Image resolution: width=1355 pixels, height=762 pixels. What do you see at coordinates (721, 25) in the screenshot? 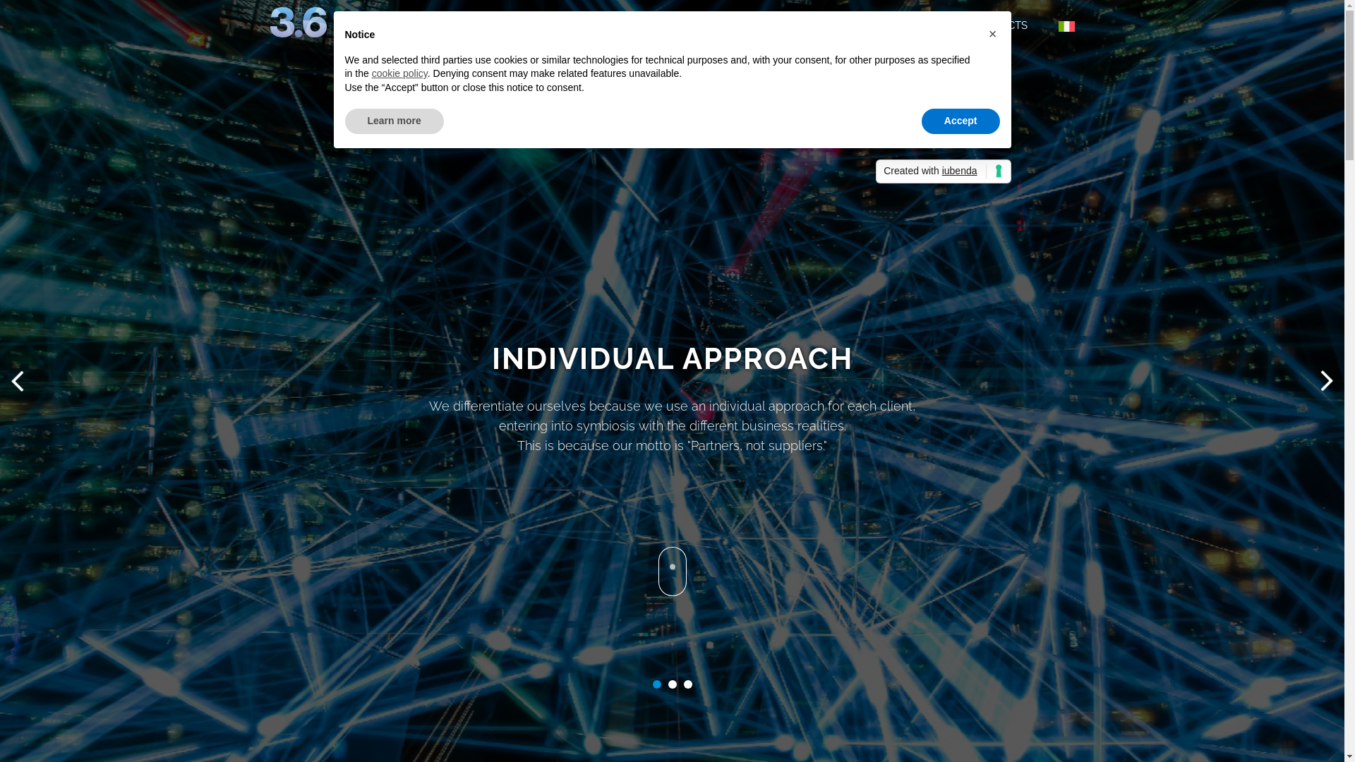
I see `'TECHNOLOGIES'` at bounding box center [721, 25].